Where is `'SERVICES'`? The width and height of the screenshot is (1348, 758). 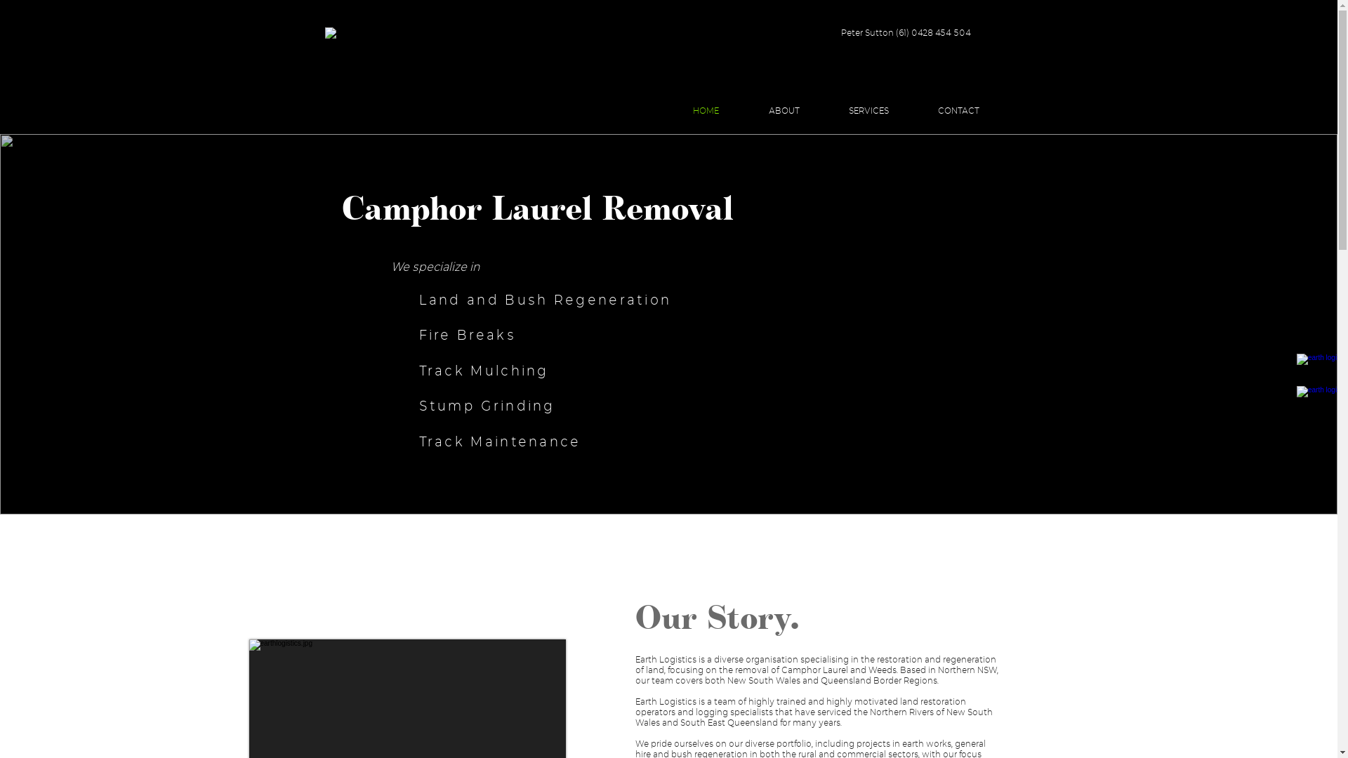
'SERVICES' is located at coordinates (868, 110).